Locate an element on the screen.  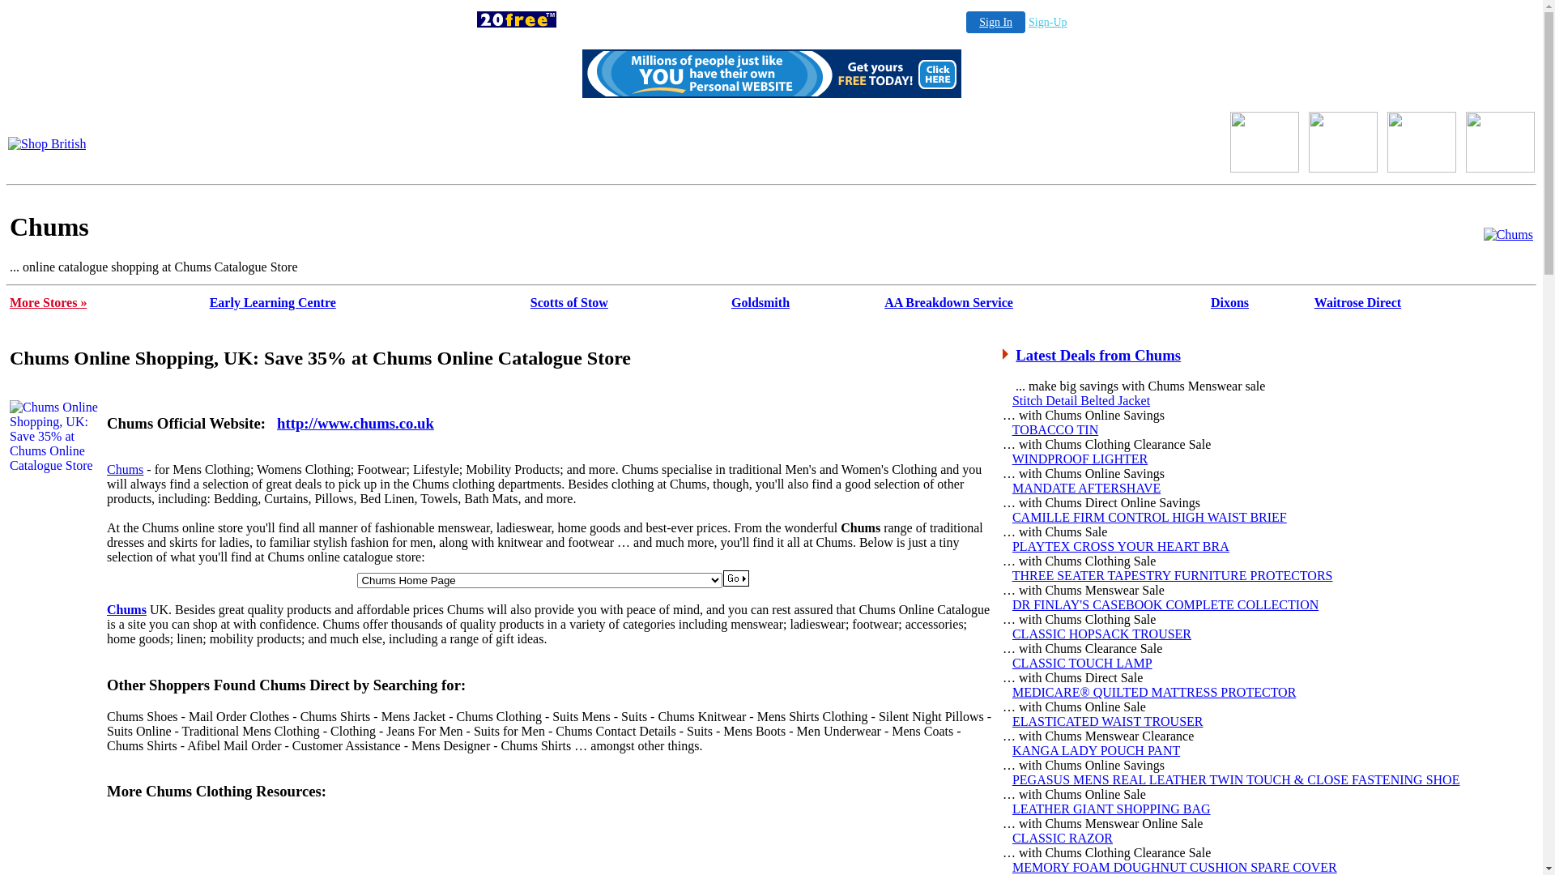
'Shop British' is located at coordinates (1229, 168).